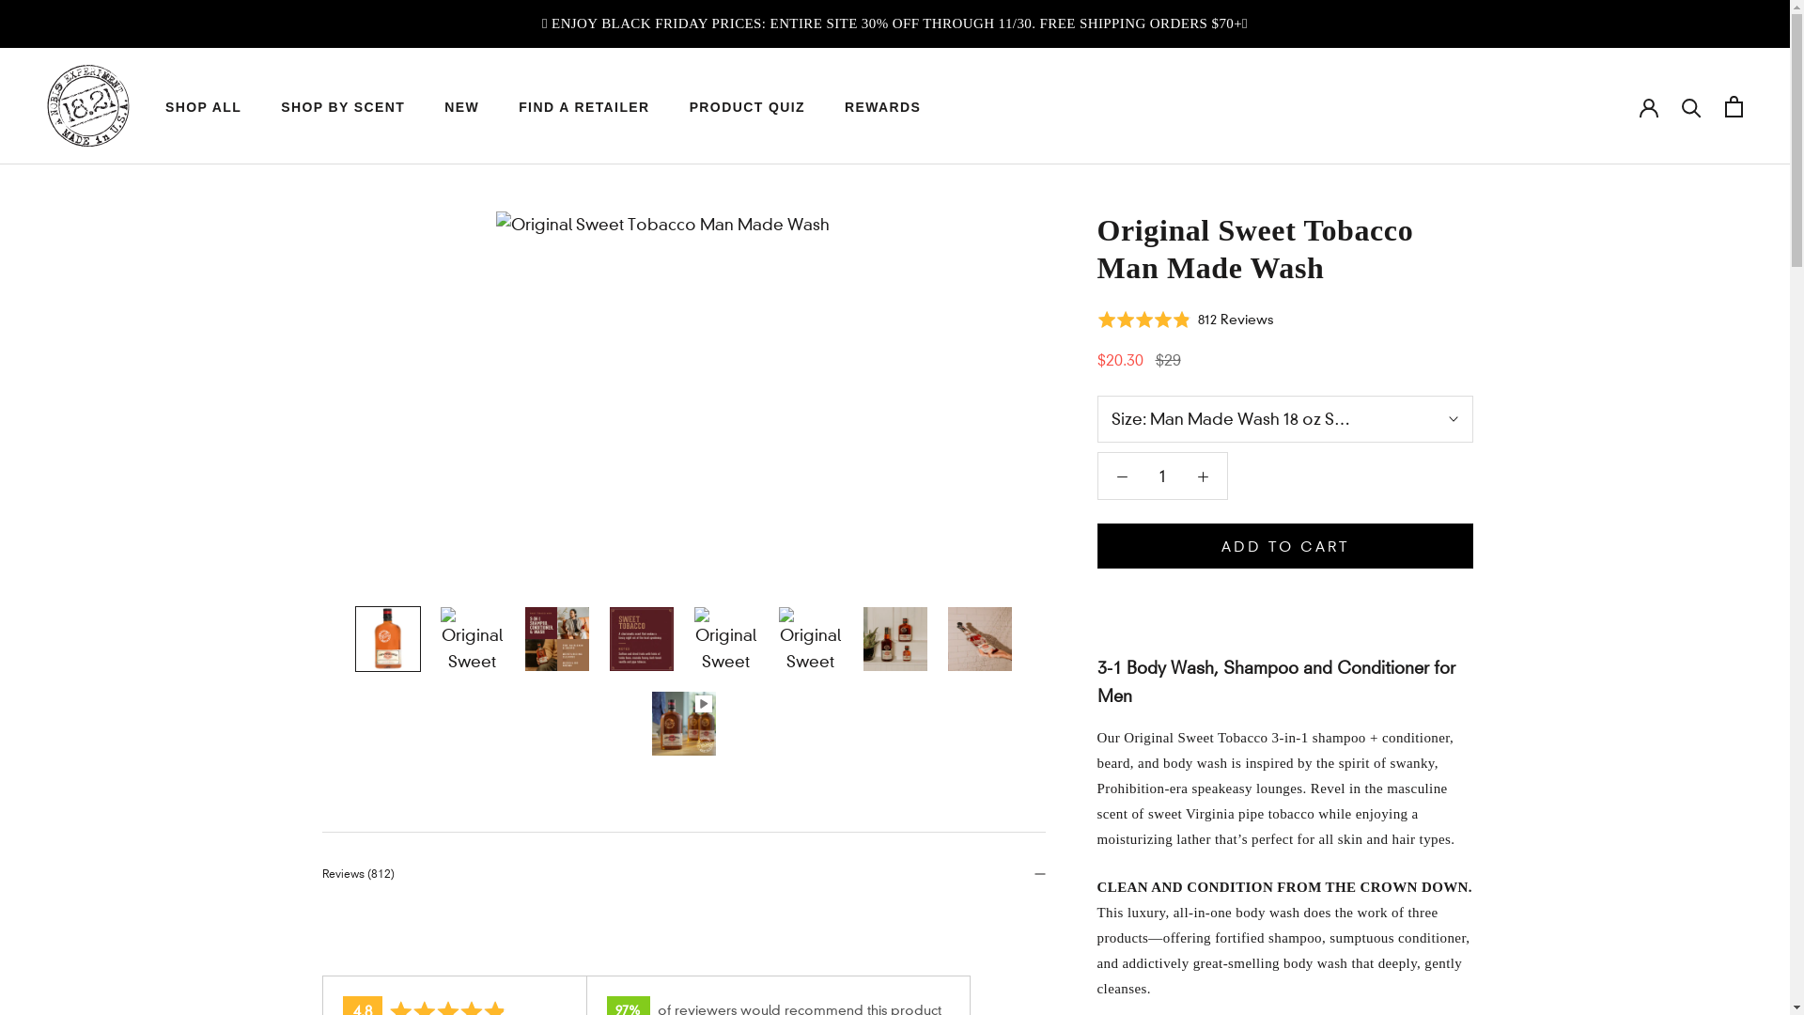 The width and height of the screenshot is (1804, 1015). Describe the element at coordinates (279, 107) in the screenshot. I see `'SHOP BY SCENT'` at that location.